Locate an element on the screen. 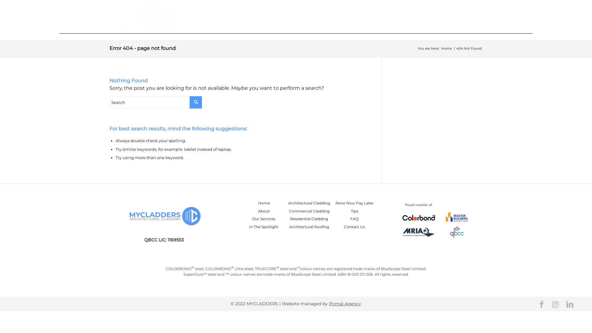  'Architectural Roofing' is located at coordinates (289, 227).